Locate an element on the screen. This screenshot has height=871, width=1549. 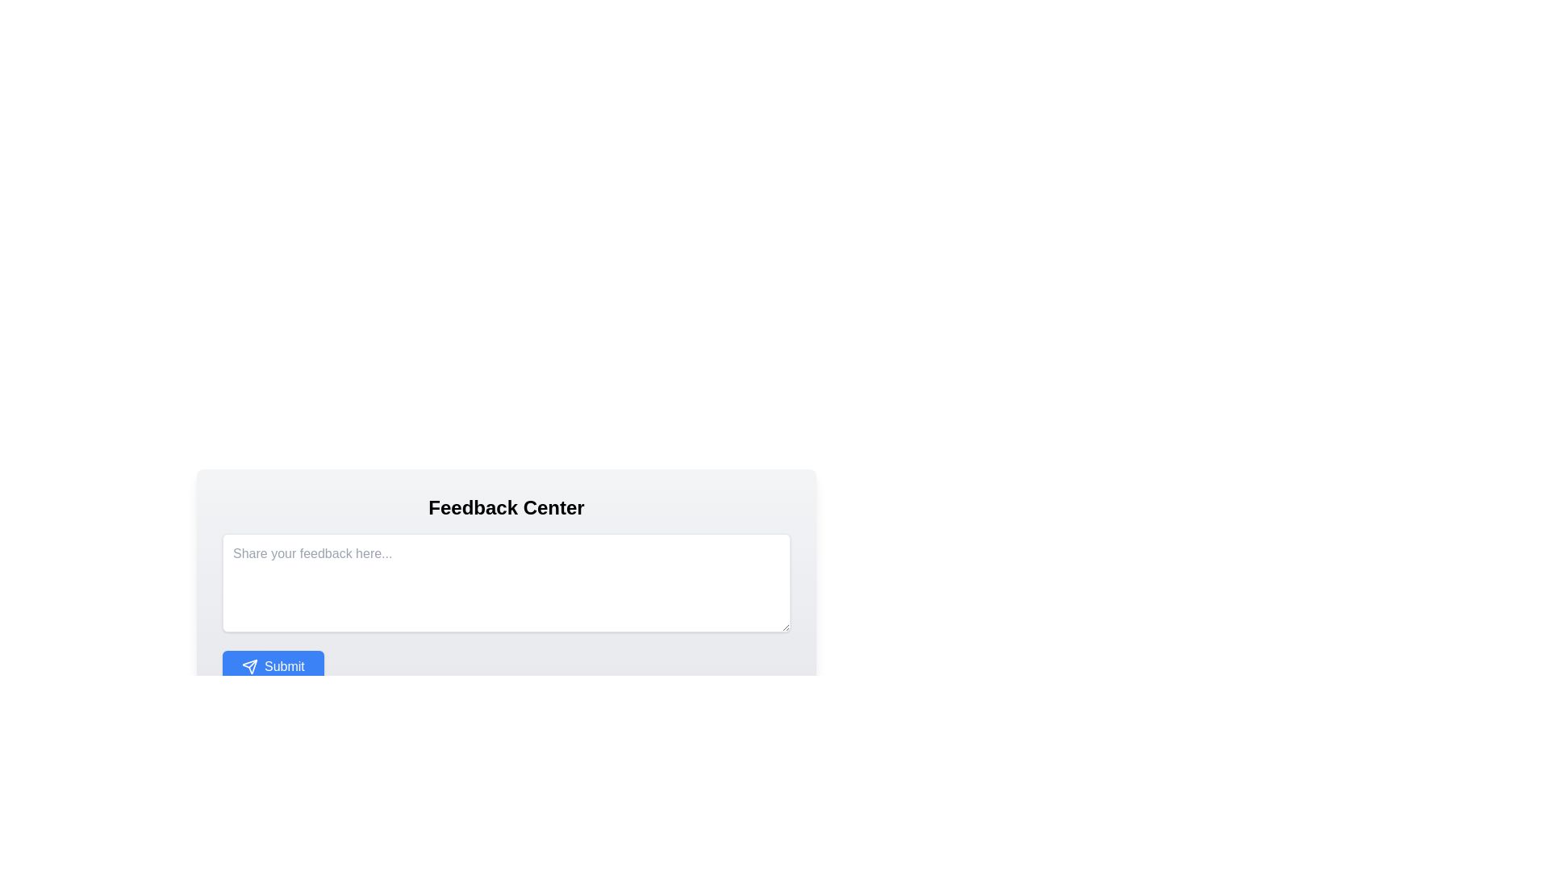
upper-left segment of the monochrome outline paper airplane icon, which is part of the 'Submit' button in the 'Feedback Center' section for development or debugging purposes is located at coordinates (249, 666).